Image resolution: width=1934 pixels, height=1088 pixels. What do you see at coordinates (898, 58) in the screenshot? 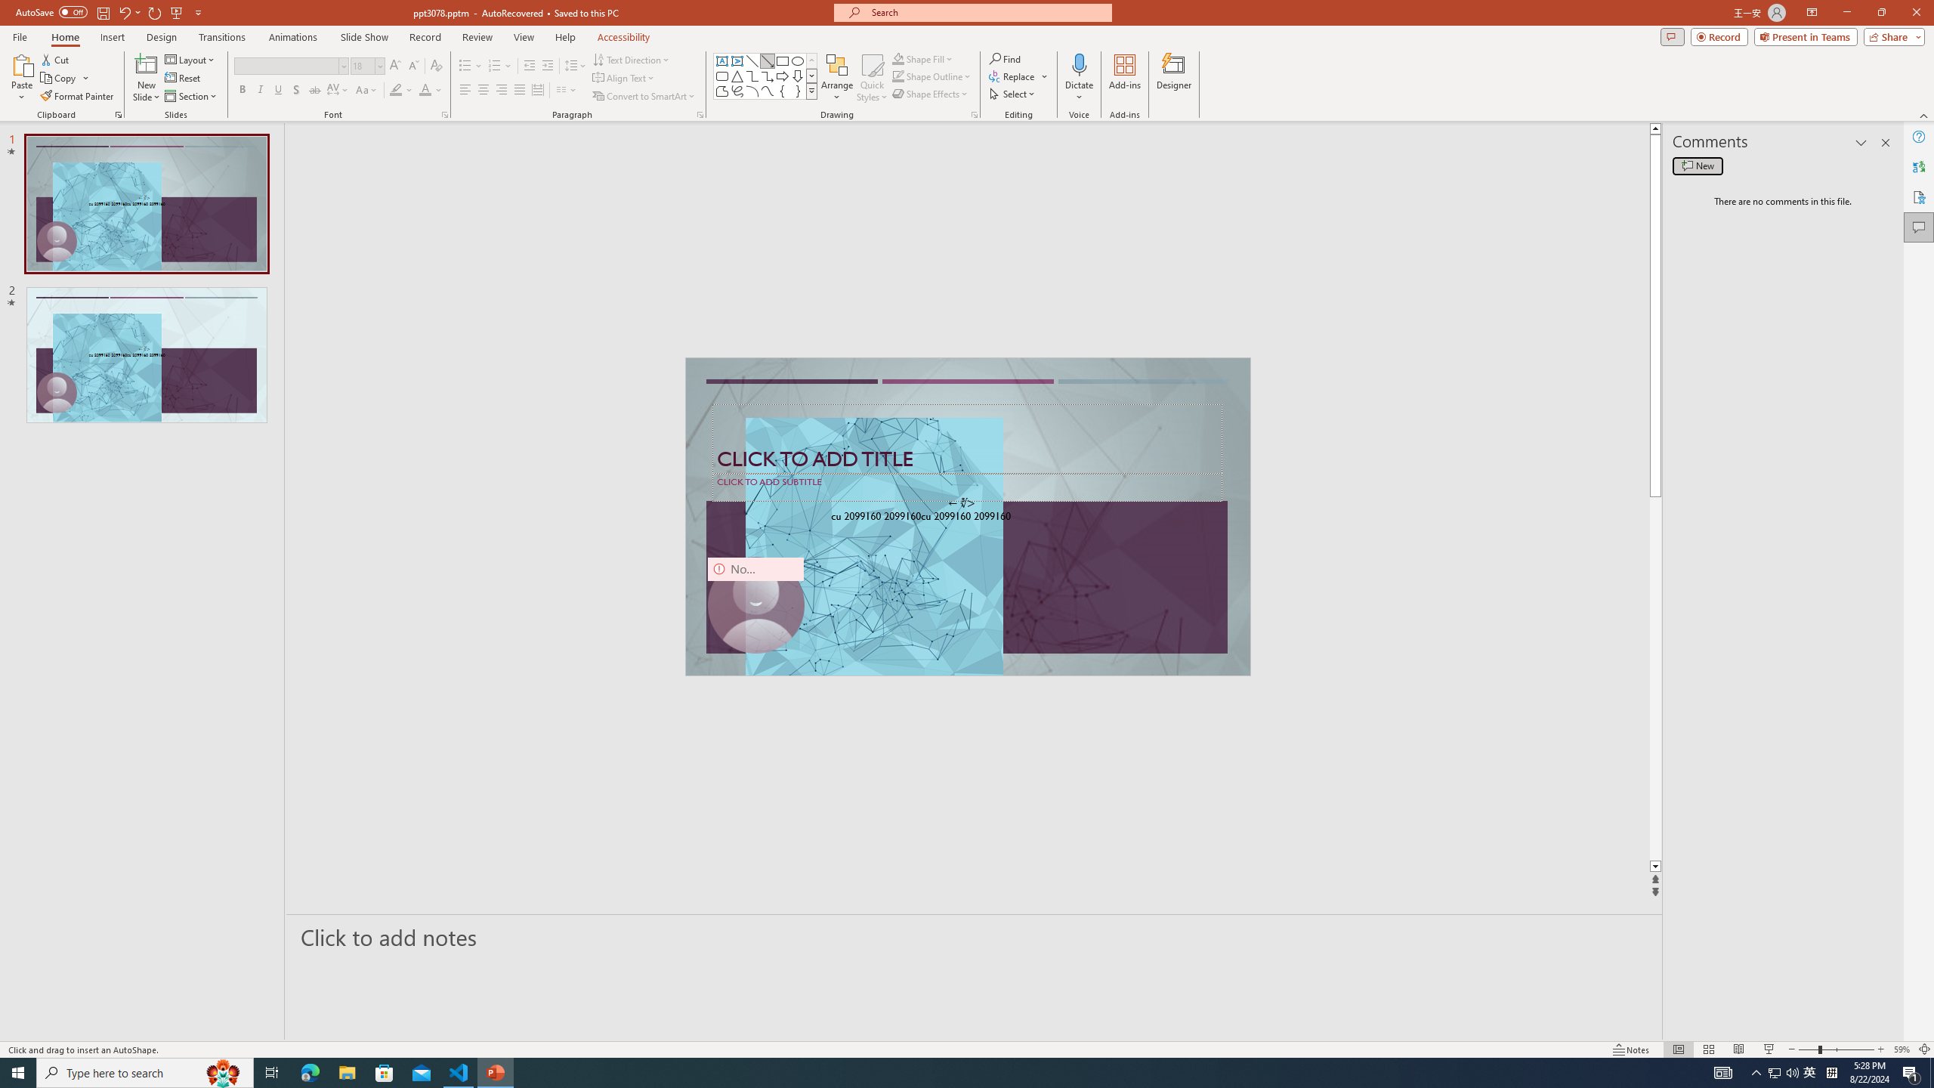
I see `'Shape Fill Dark Green, Accent 2'` at bounding box center [898, 58].